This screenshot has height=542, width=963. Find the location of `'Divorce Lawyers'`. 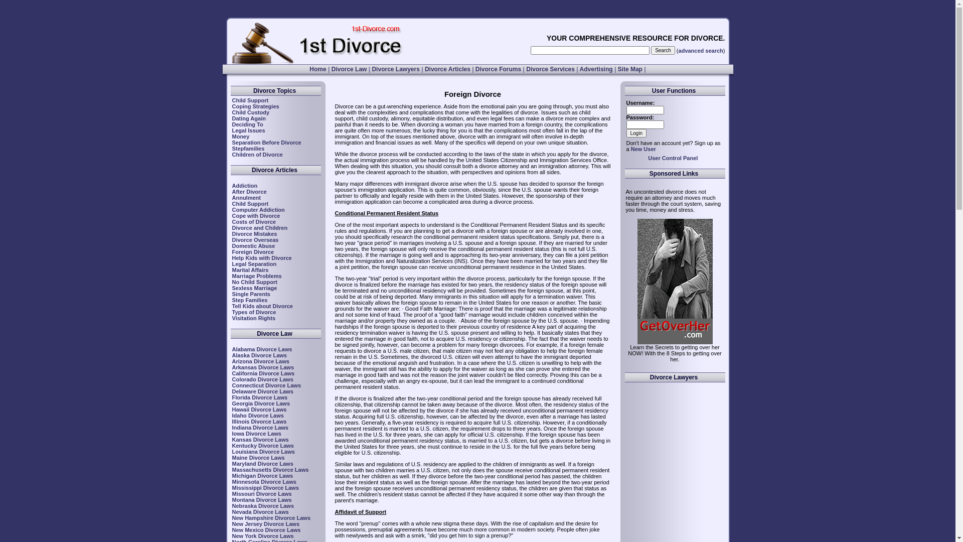

'Divorce Lawyers' is located at coordinates (395, 69).